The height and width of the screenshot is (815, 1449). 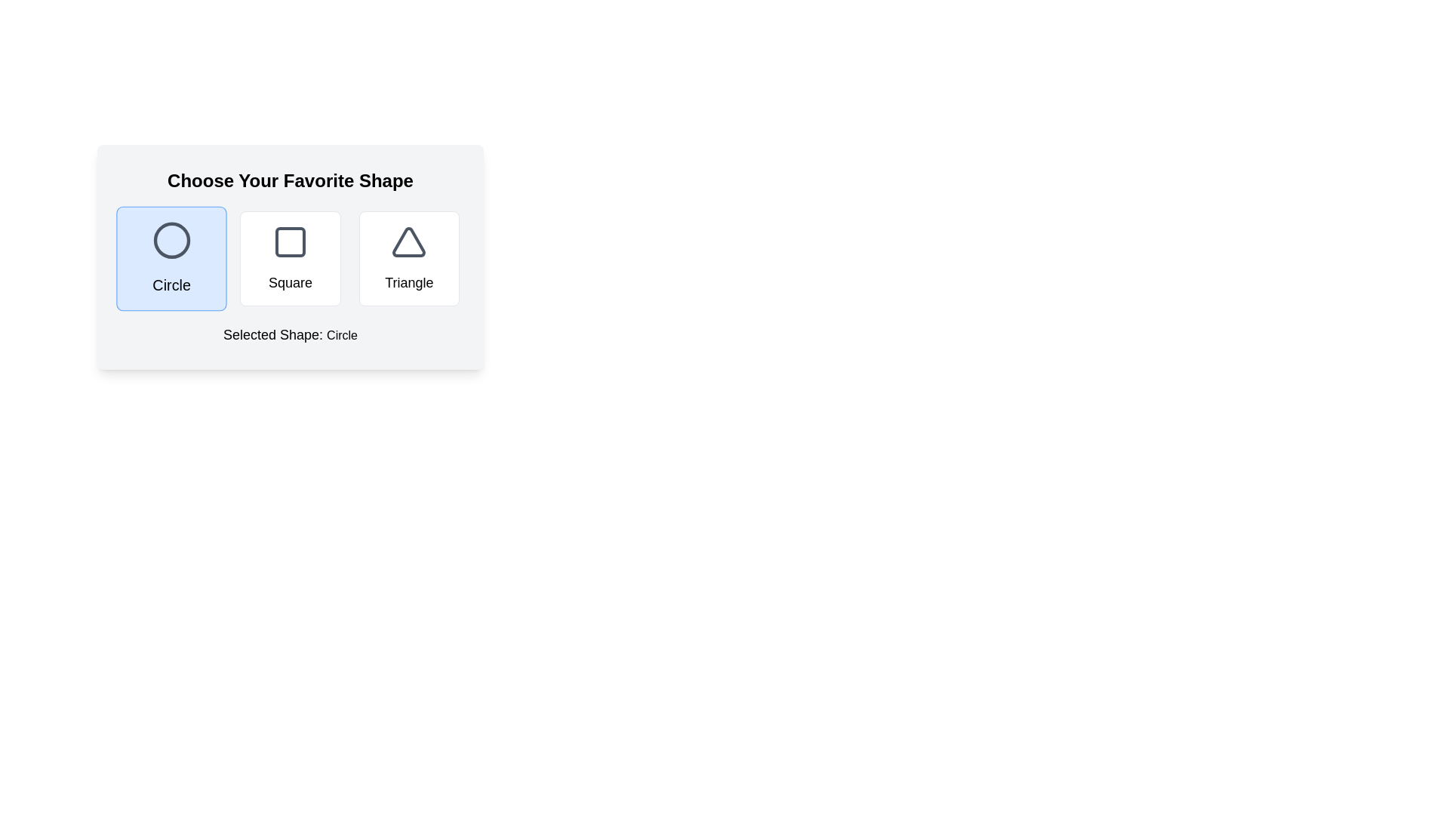 I want to click on the graphic component, which is a small square with rounded corners located at the center of a larger square, so click(x=290, y=241).